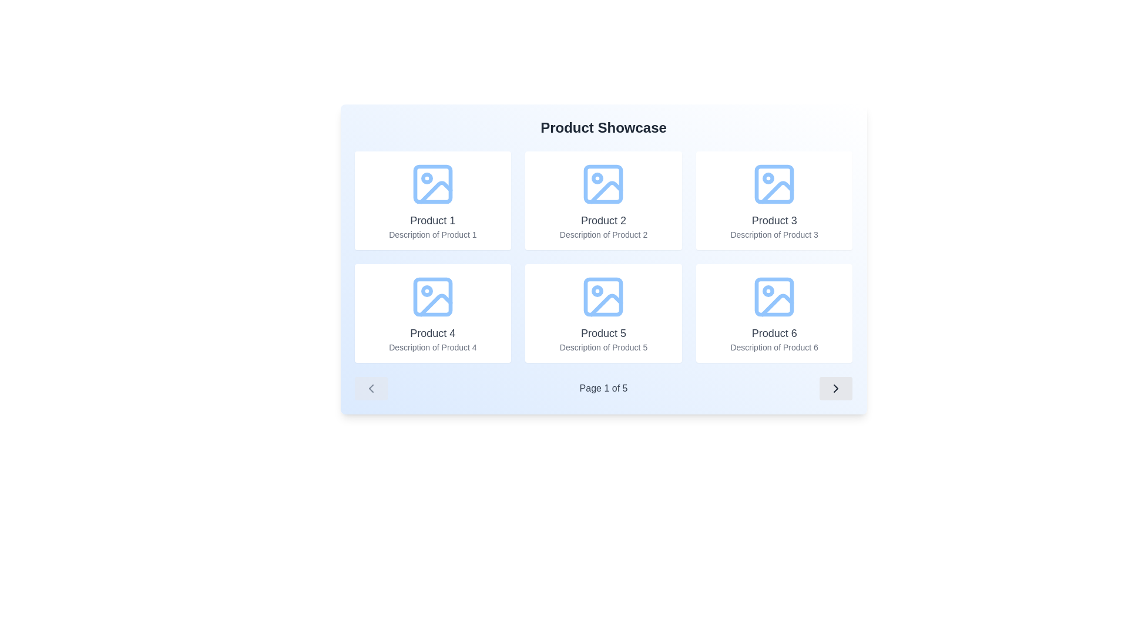  I want to click on the rectangular portion in the top-left segment of the image icon within the fourth product card from left to right in the second row of the grid, so click(432, 296).